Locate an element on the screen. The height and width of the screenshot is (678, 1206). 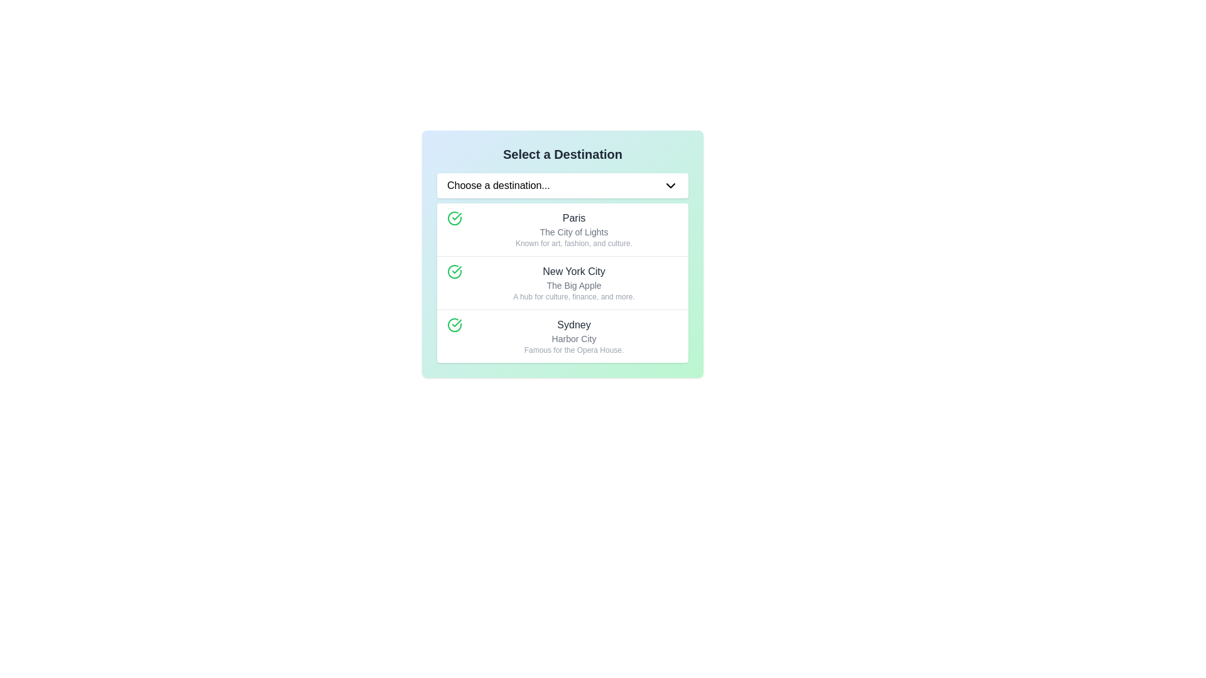
text label displaying 'Harbor City' which is positioned beneath the label 'Sydney' in the third option of the destinations list is located at coordinates (573, 339).